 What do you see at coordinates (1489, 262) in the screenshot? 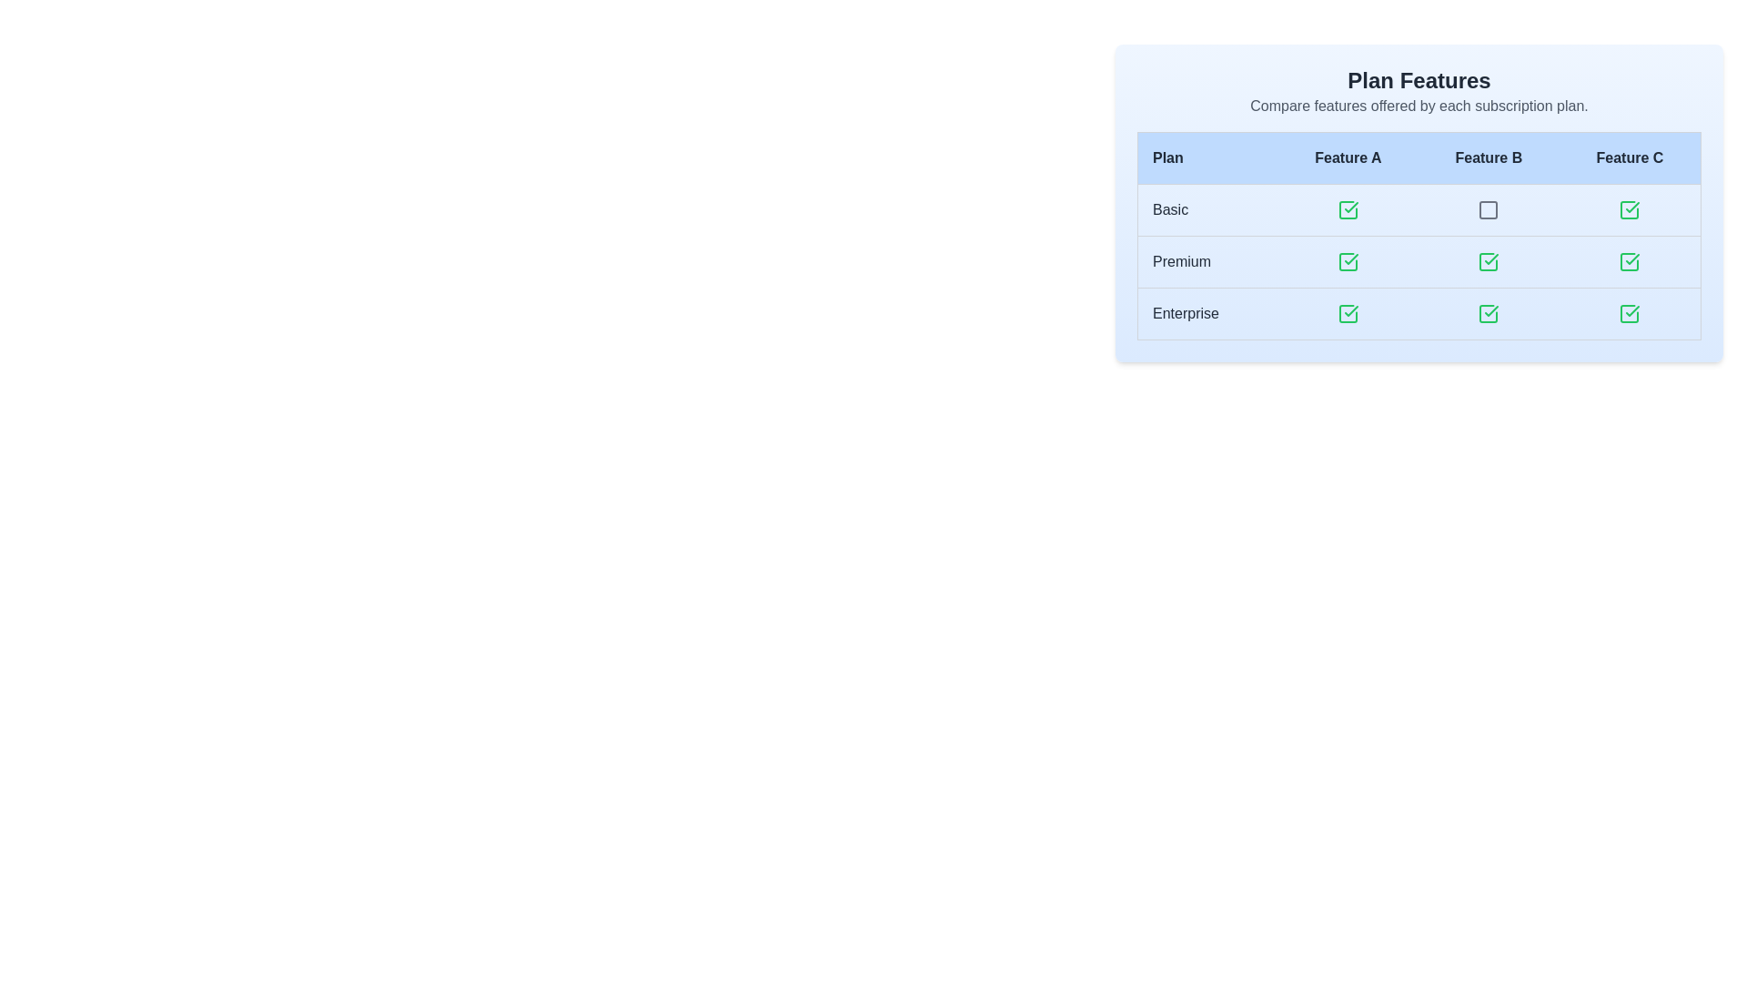
I see `the green checkmark icon representing a checked checkbox in the 'Feature B' column of the 'Plan Features' table for the 'Premium' row` at bounding box center [1489, 262].